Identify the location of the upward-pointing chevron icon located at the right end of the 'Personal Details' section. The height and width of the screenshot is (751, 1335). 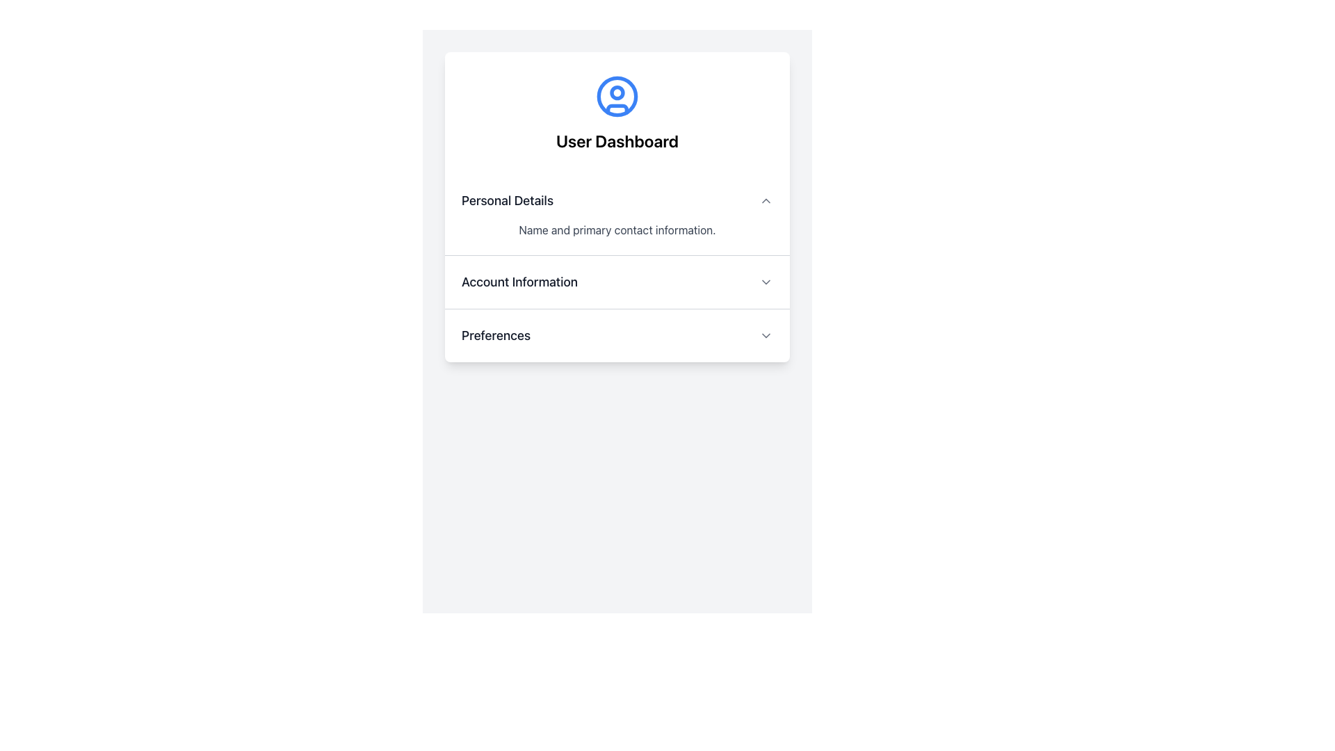
(766, 201).